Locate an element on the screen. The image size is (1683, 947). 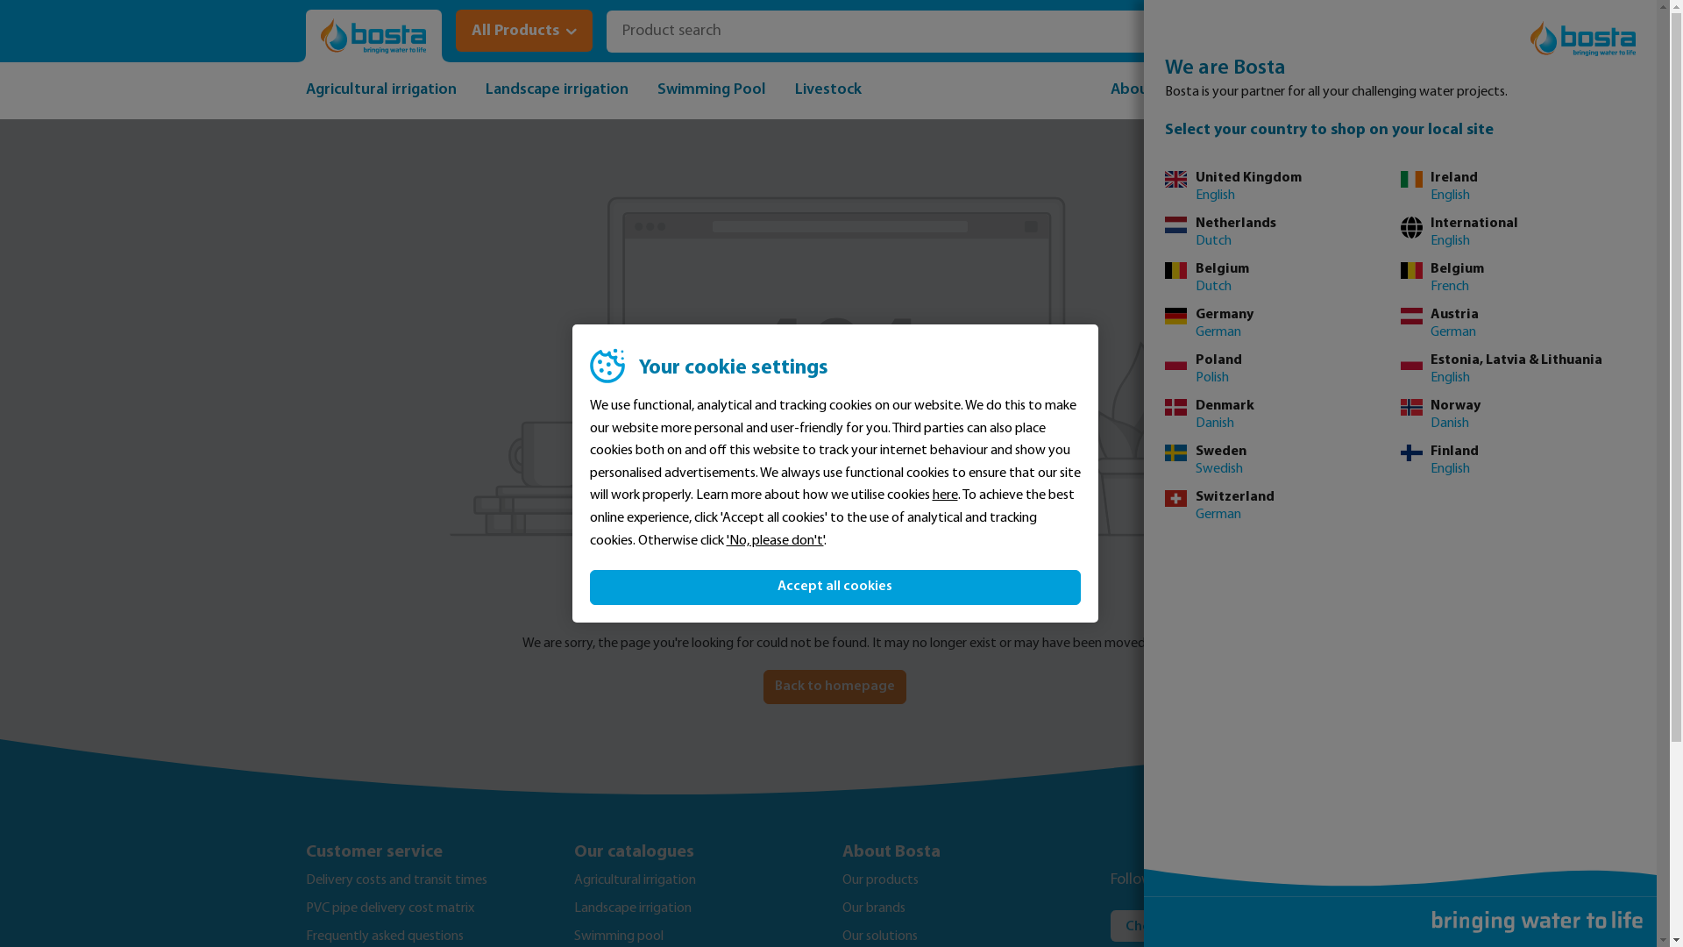
'Swimming pool' is located at coordinates (618, 936).